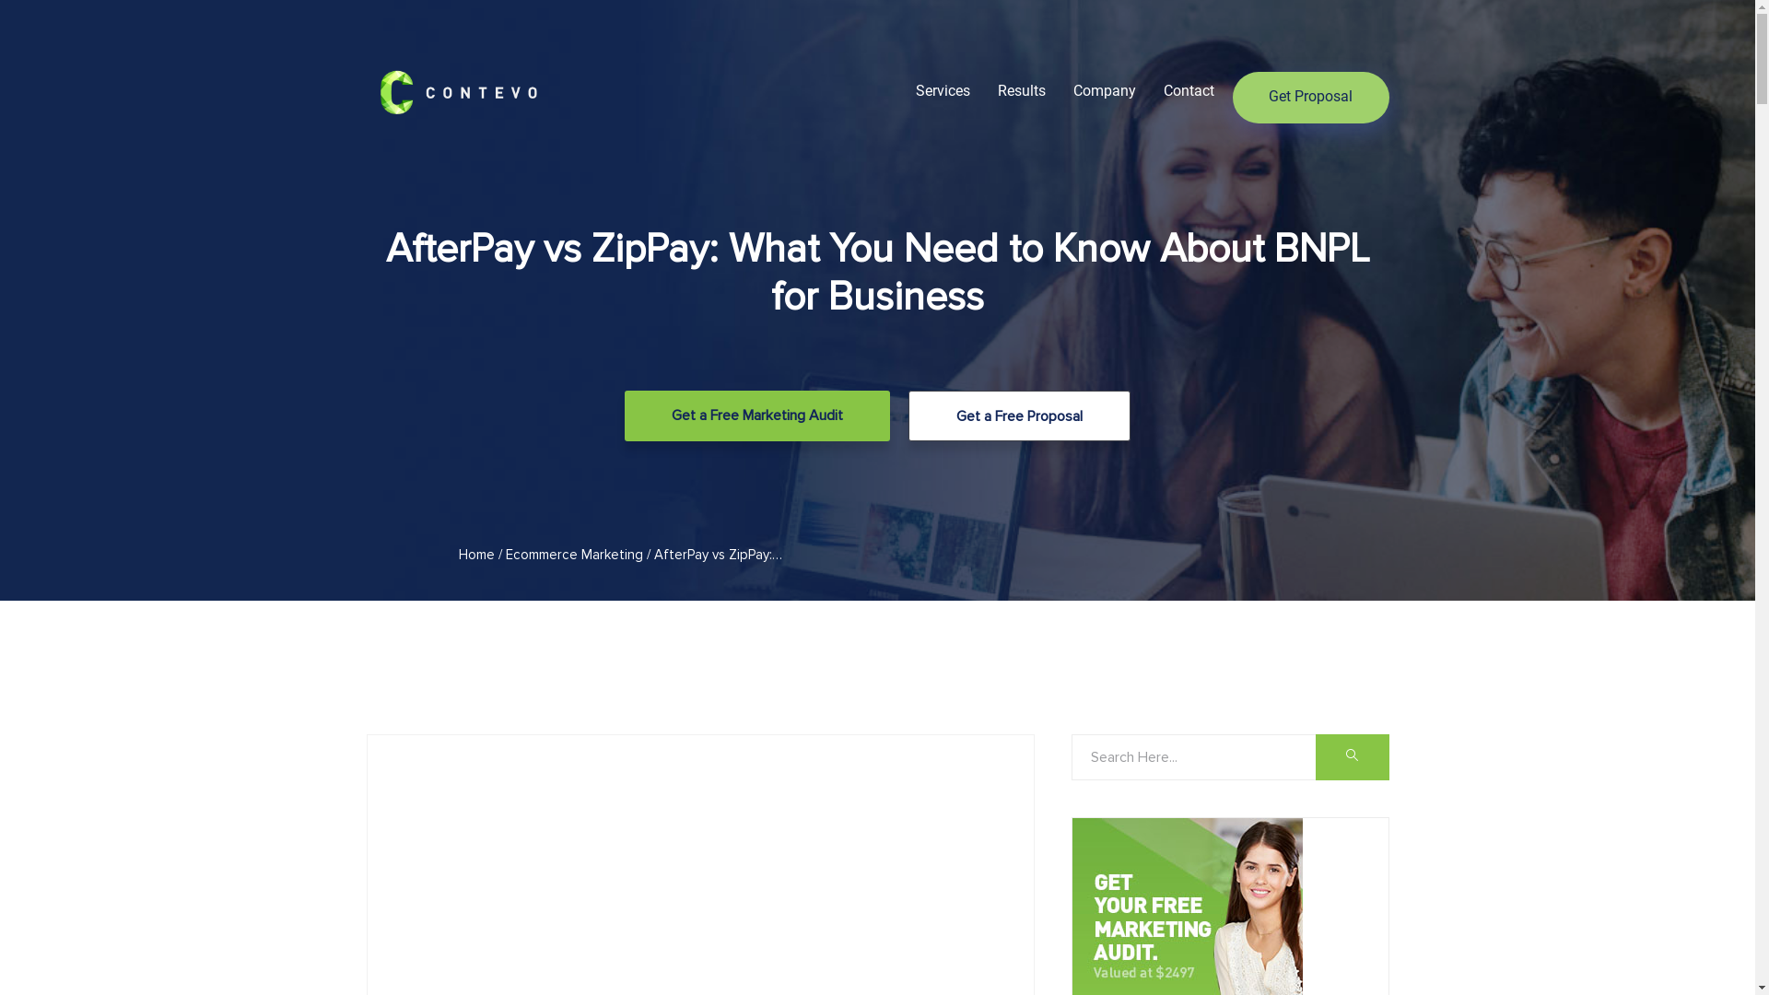  I want to click on 'Get a Free Marketing Audit', so click(624, 416).